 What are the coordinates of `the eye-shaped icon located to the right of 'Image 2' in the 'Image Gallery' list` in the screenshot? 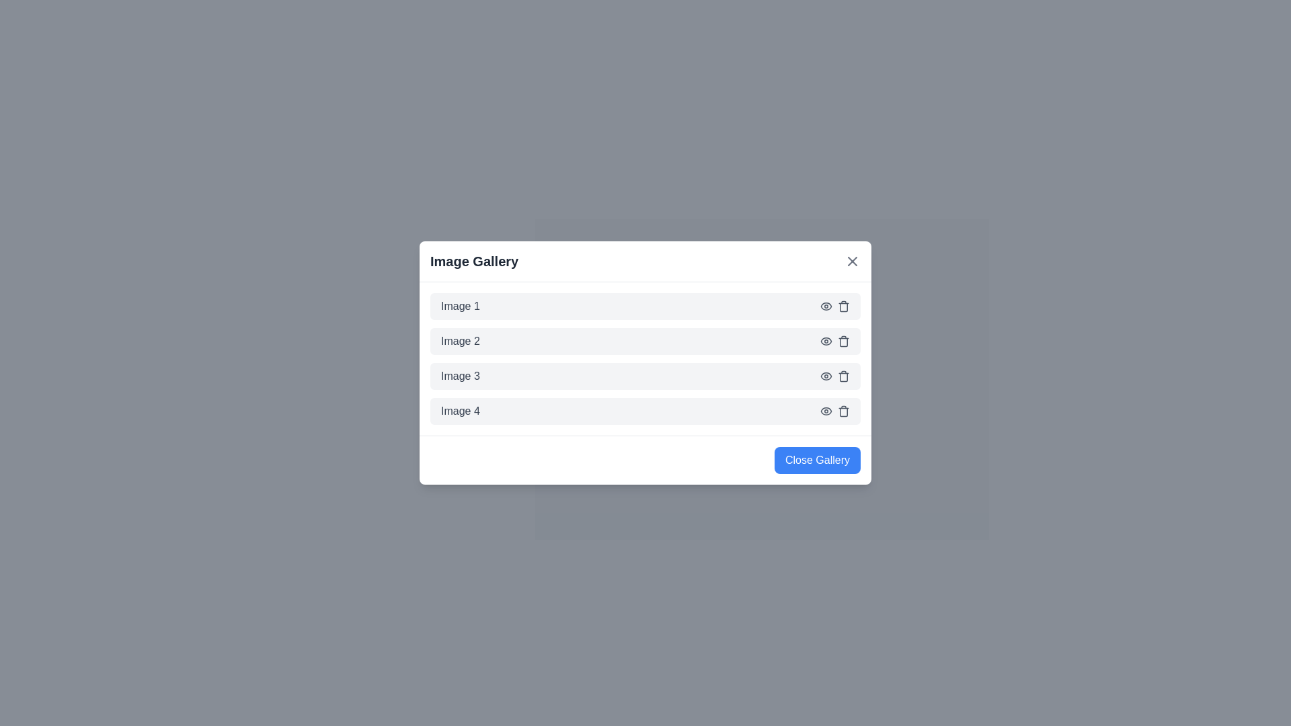 It's located at (825, 306).